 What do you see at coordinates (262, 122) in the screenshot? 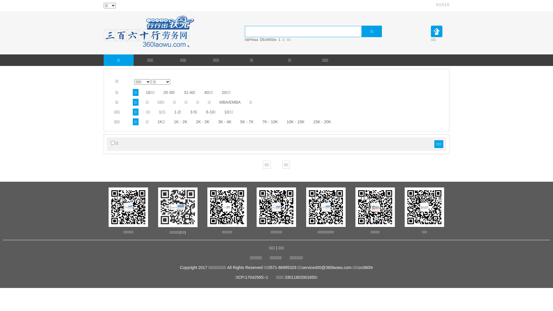
I see `'7K - 10K'` at bounding box center [262, 122].